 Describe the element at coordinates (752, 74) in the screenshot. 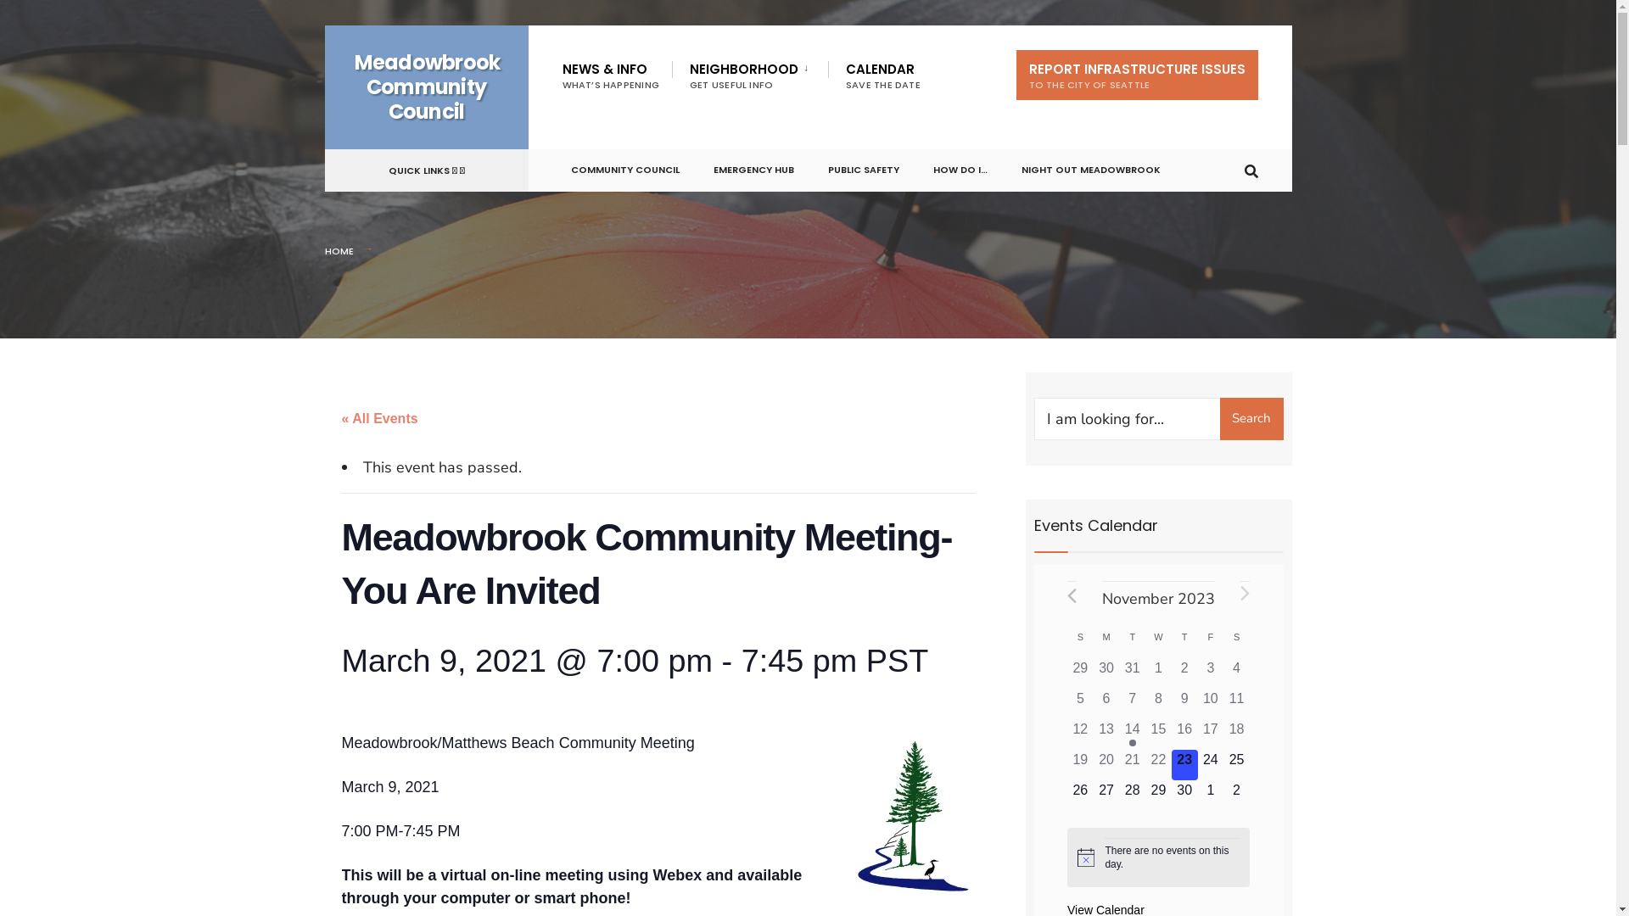

I see `'NEIGHBORHOOD` at that location.